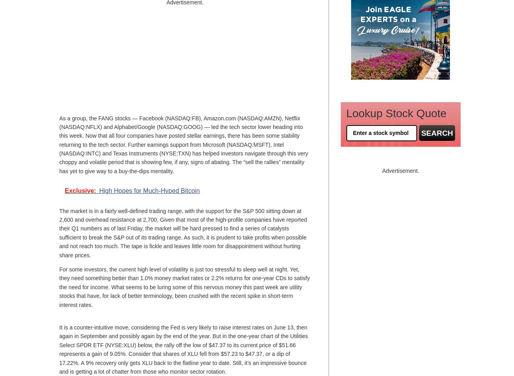 Image resolution: width=514 pixels, height=376 pixels. I want to click on 'For some investors, the current high level of volatility is just too stressful to sleep well at night. Yet, they need something better than 1.0% money market rates or 2.2% returns for one-year CDs to satisfy the need for income. What seems to be luring some of this nervous money this past week are utility stocks that have, for lack of better terminology, been crushed with the recent spike in short-term interest rates.', so click(184, 287).